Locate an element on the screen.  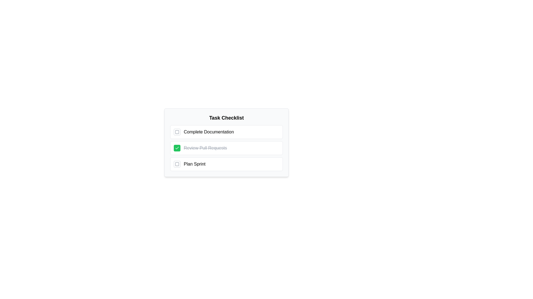
the checkbox located to the left of the 'Plan Sprint' text is located at coordinates (177, 164).